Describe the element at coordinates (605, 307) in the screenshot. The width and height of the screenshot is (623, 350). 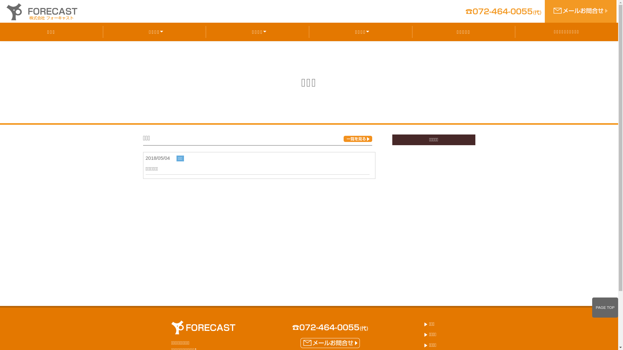
I see `'PAGE TOP'` at that location.